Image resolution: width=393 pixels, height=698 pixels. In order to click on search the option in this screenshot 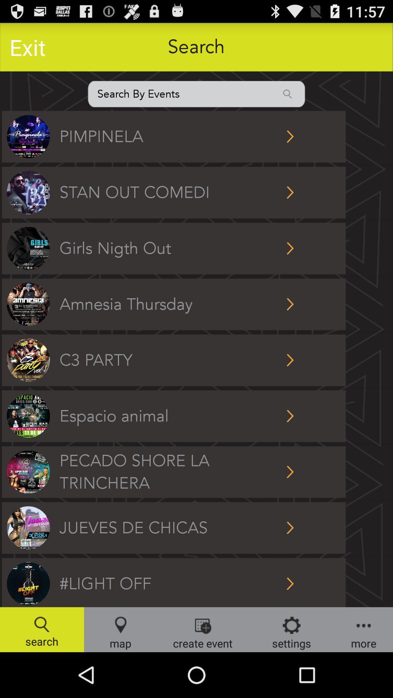, I will do `click(196, 93)`.